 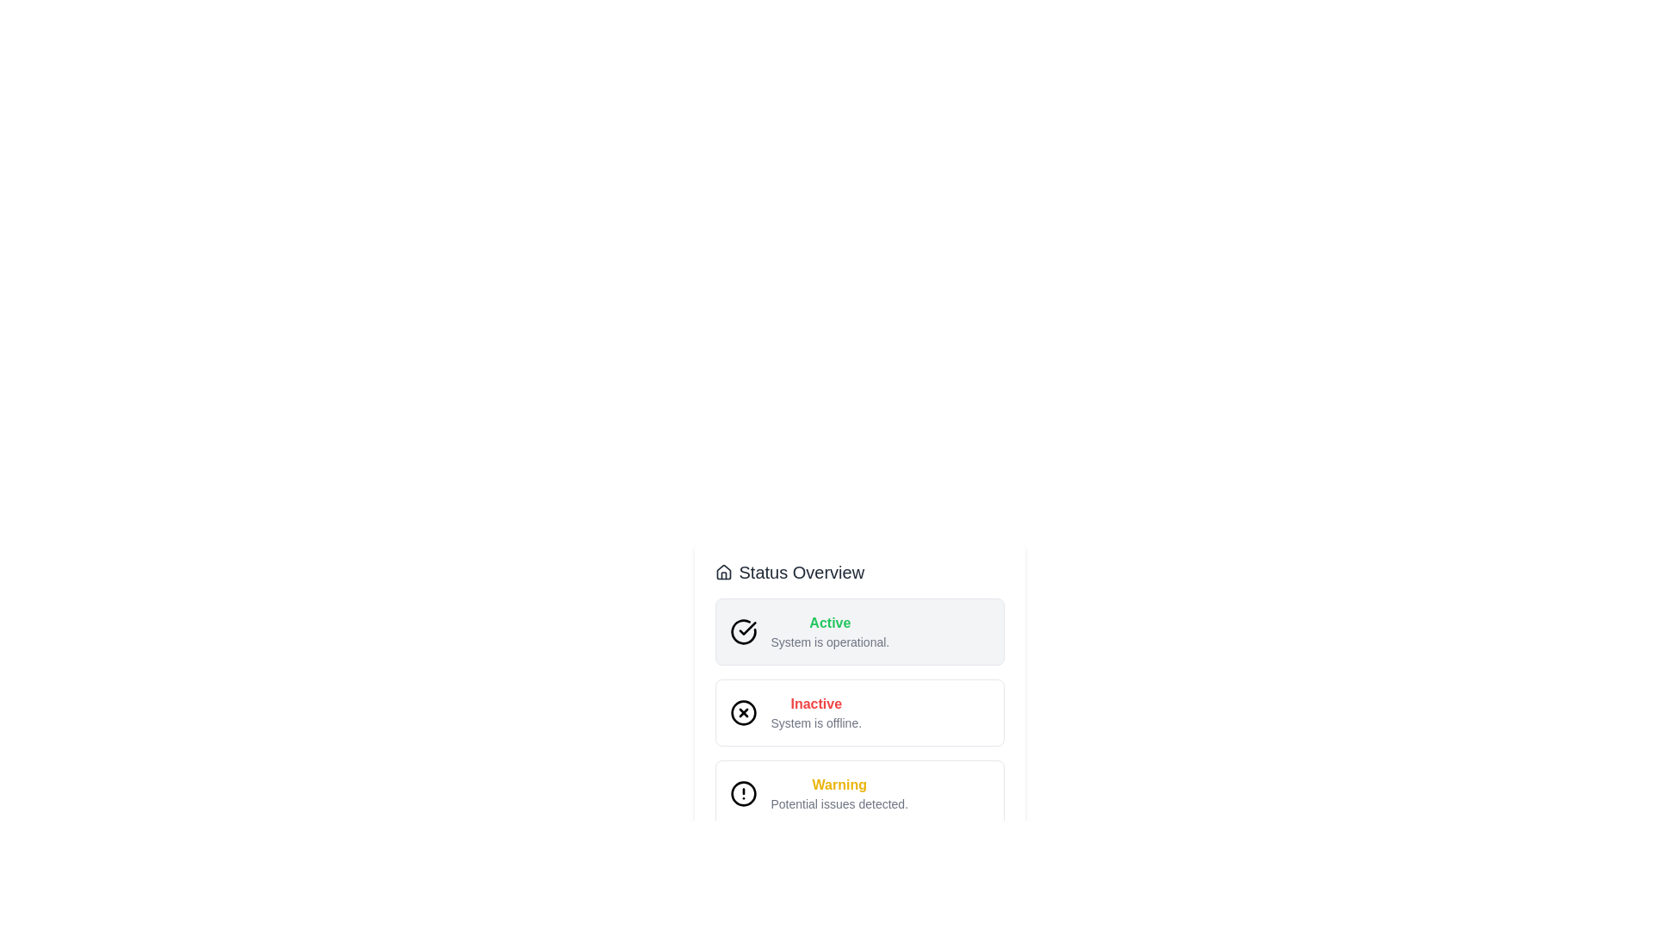 What do you see at coordinates (839, 803) in the screenshot?
I see `the warning message text label located beneath the 'Warning' label in the status overview section` at bounding box center [839, 803].